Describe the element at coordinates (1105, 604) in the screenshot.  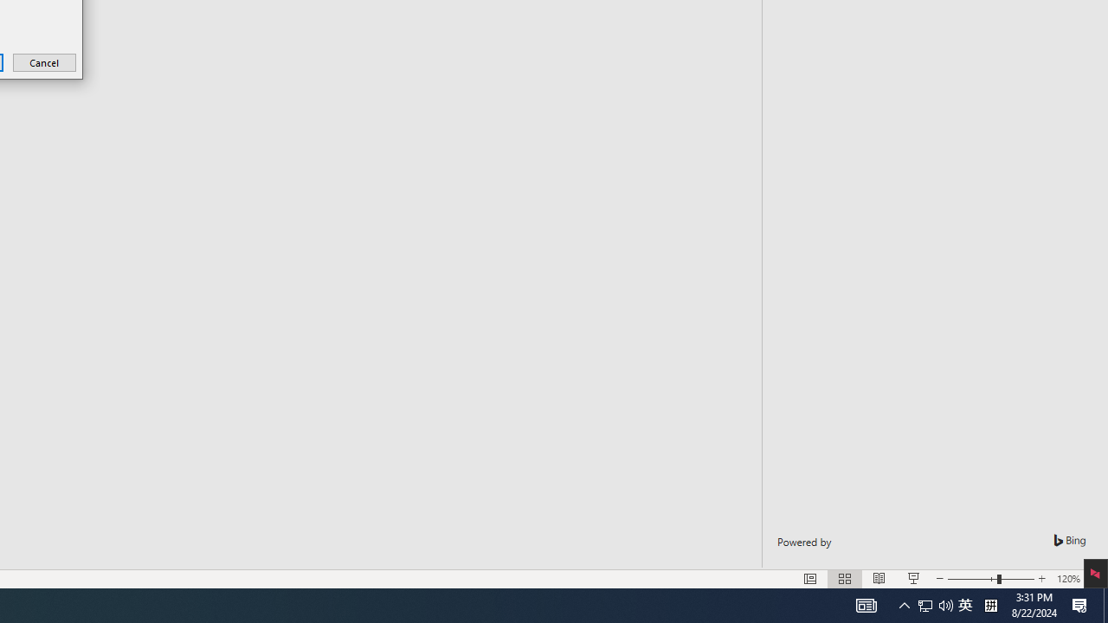
I see `'Show desktop'` at that location.